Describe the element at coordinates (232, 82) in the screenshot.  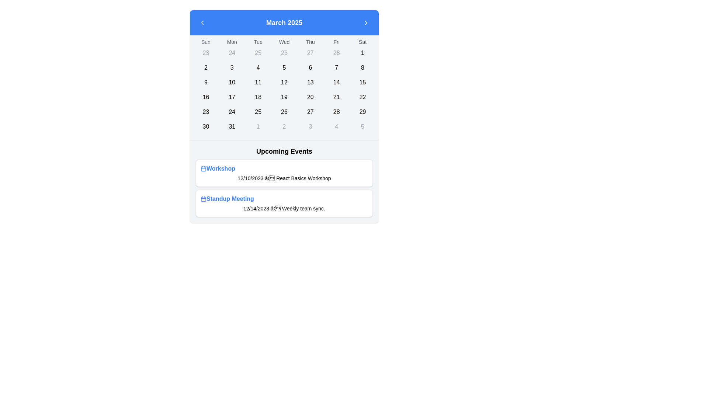
I see `the rectangular button with rounded borders that displays the number '10', located in the calendar widget under 'Mon'` at that location.